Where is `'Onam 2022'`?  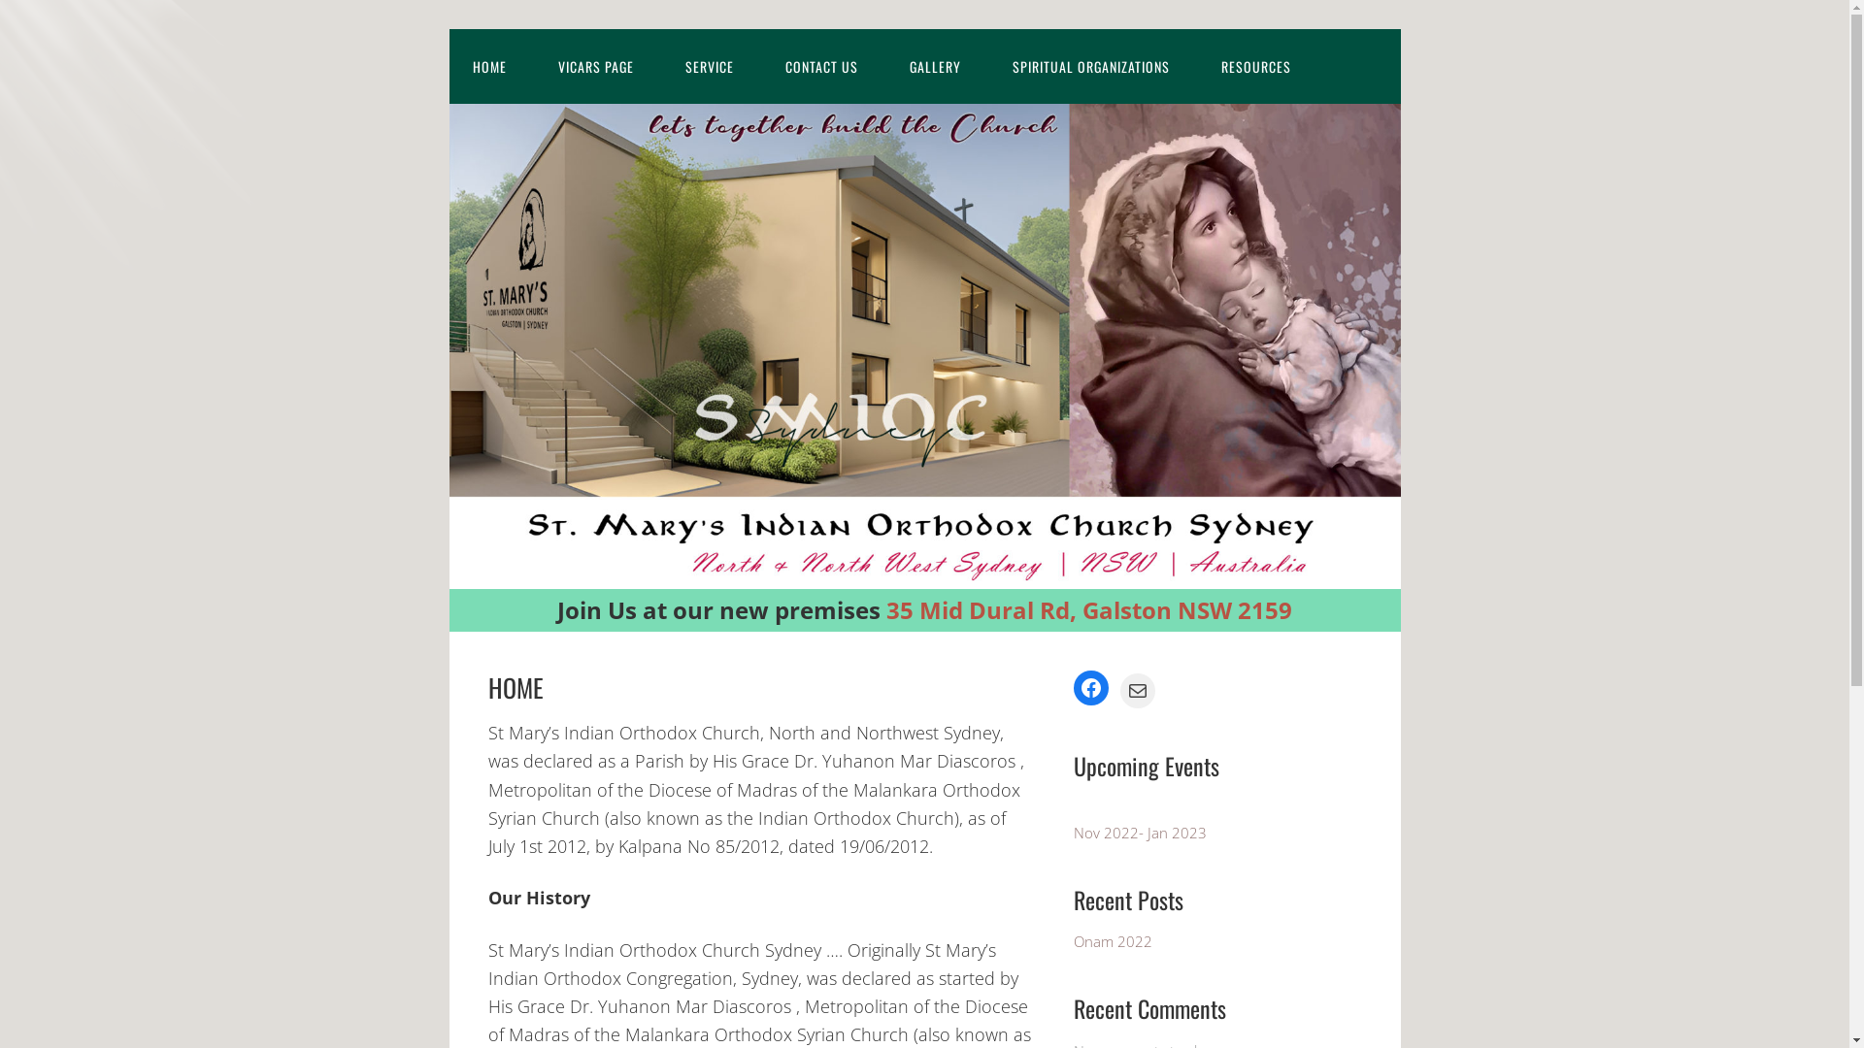 'Onam 2022' is located at coordinates (1113, 939).